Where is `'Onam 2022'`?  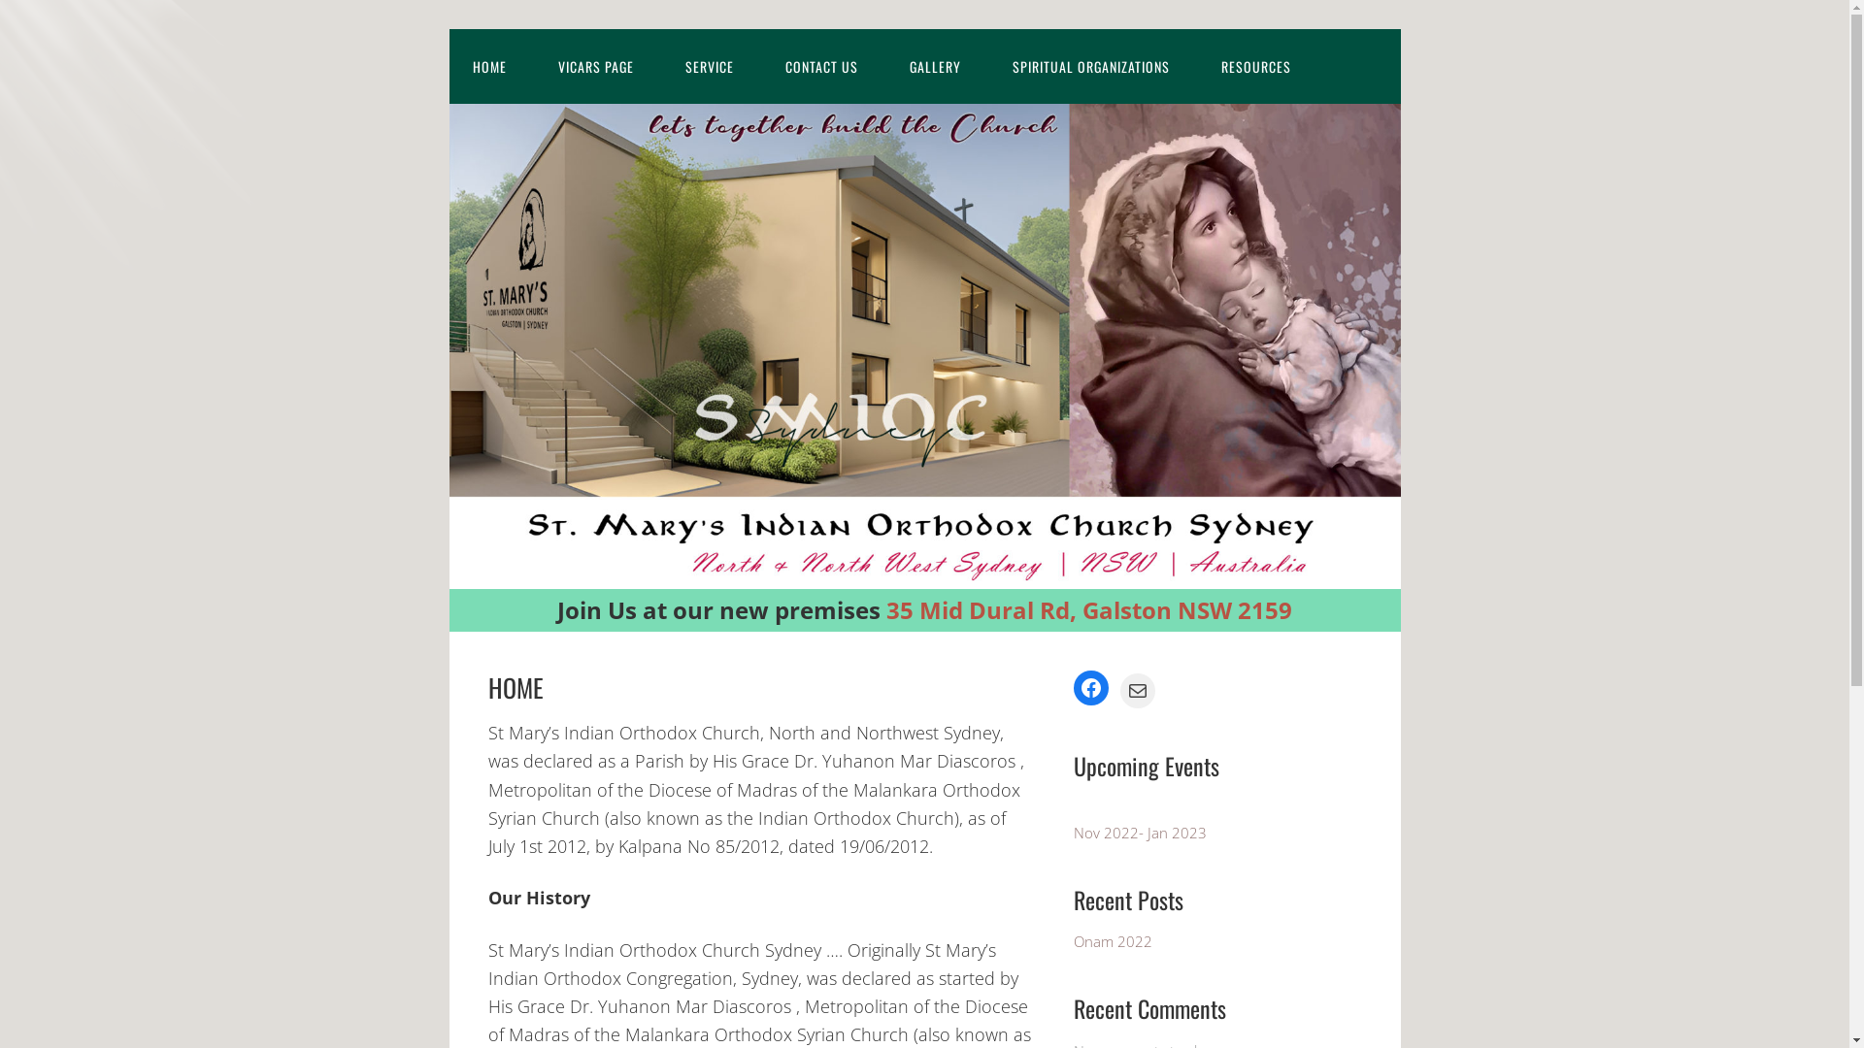 'Onam 2022' is located at coordinates (1113, 939).